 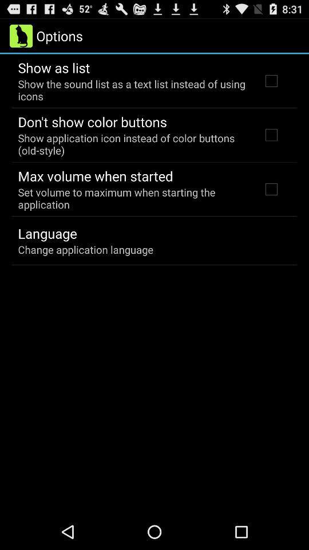 What do you see at coordinates (132, 89) in the screenshot?
I see `the show the sound` at bounding box center [132, 89].